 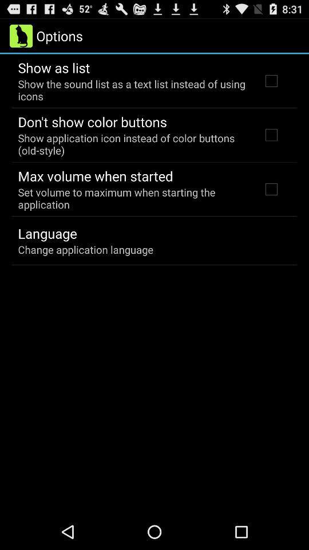 What do you see at coordinates (132, 89) in the screenshot?
I see `the show the sound` at bounding box center [132, 89].